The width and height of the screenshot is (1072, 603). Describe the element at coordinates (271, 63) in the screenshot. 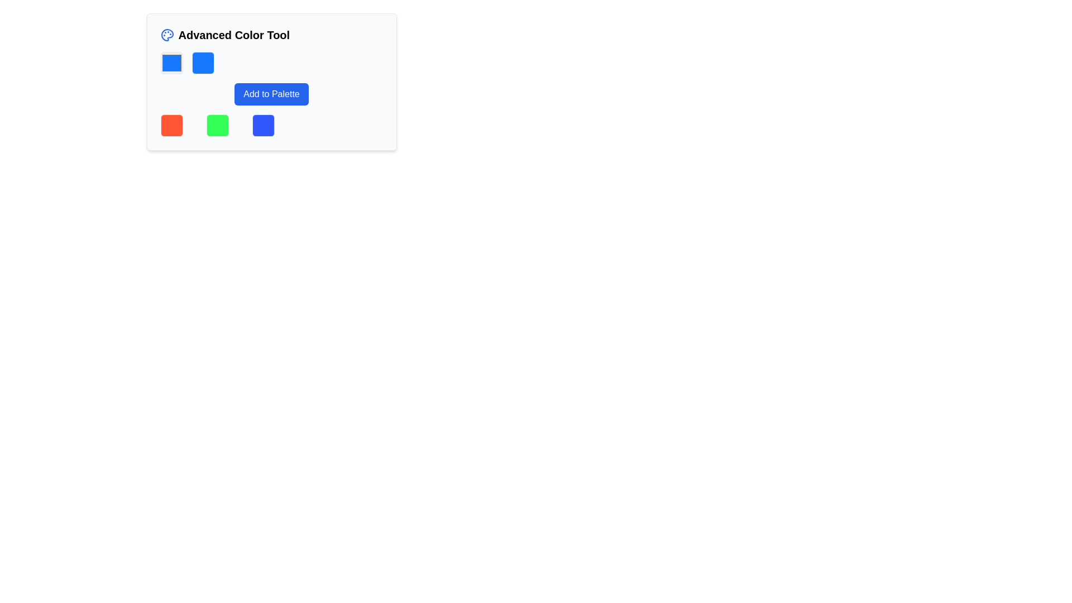

I see `the larger blue square in the Color Selector located below the title 'Advanced Color Tool' for detailed interaction or selection` at that location.